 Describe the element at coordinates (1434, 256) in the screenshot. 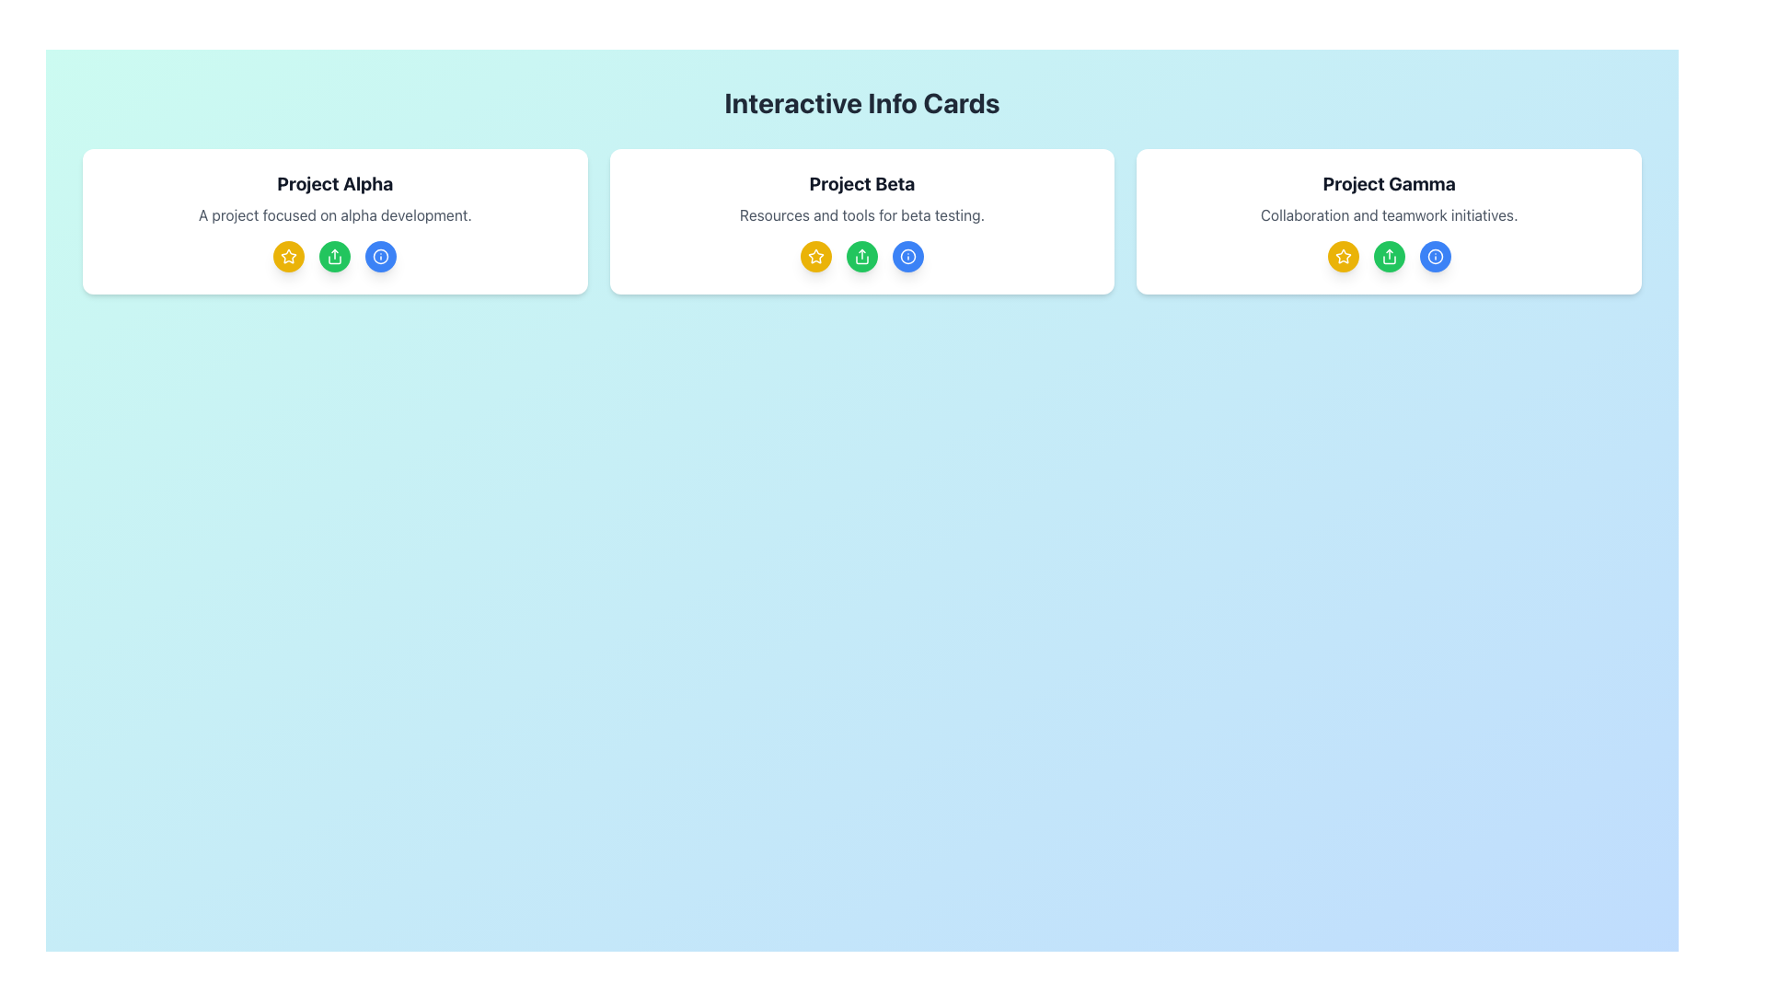

I see `the circular outline of the info button icon located at the bottom right of the card titled 'Project Gamma'` at that location.